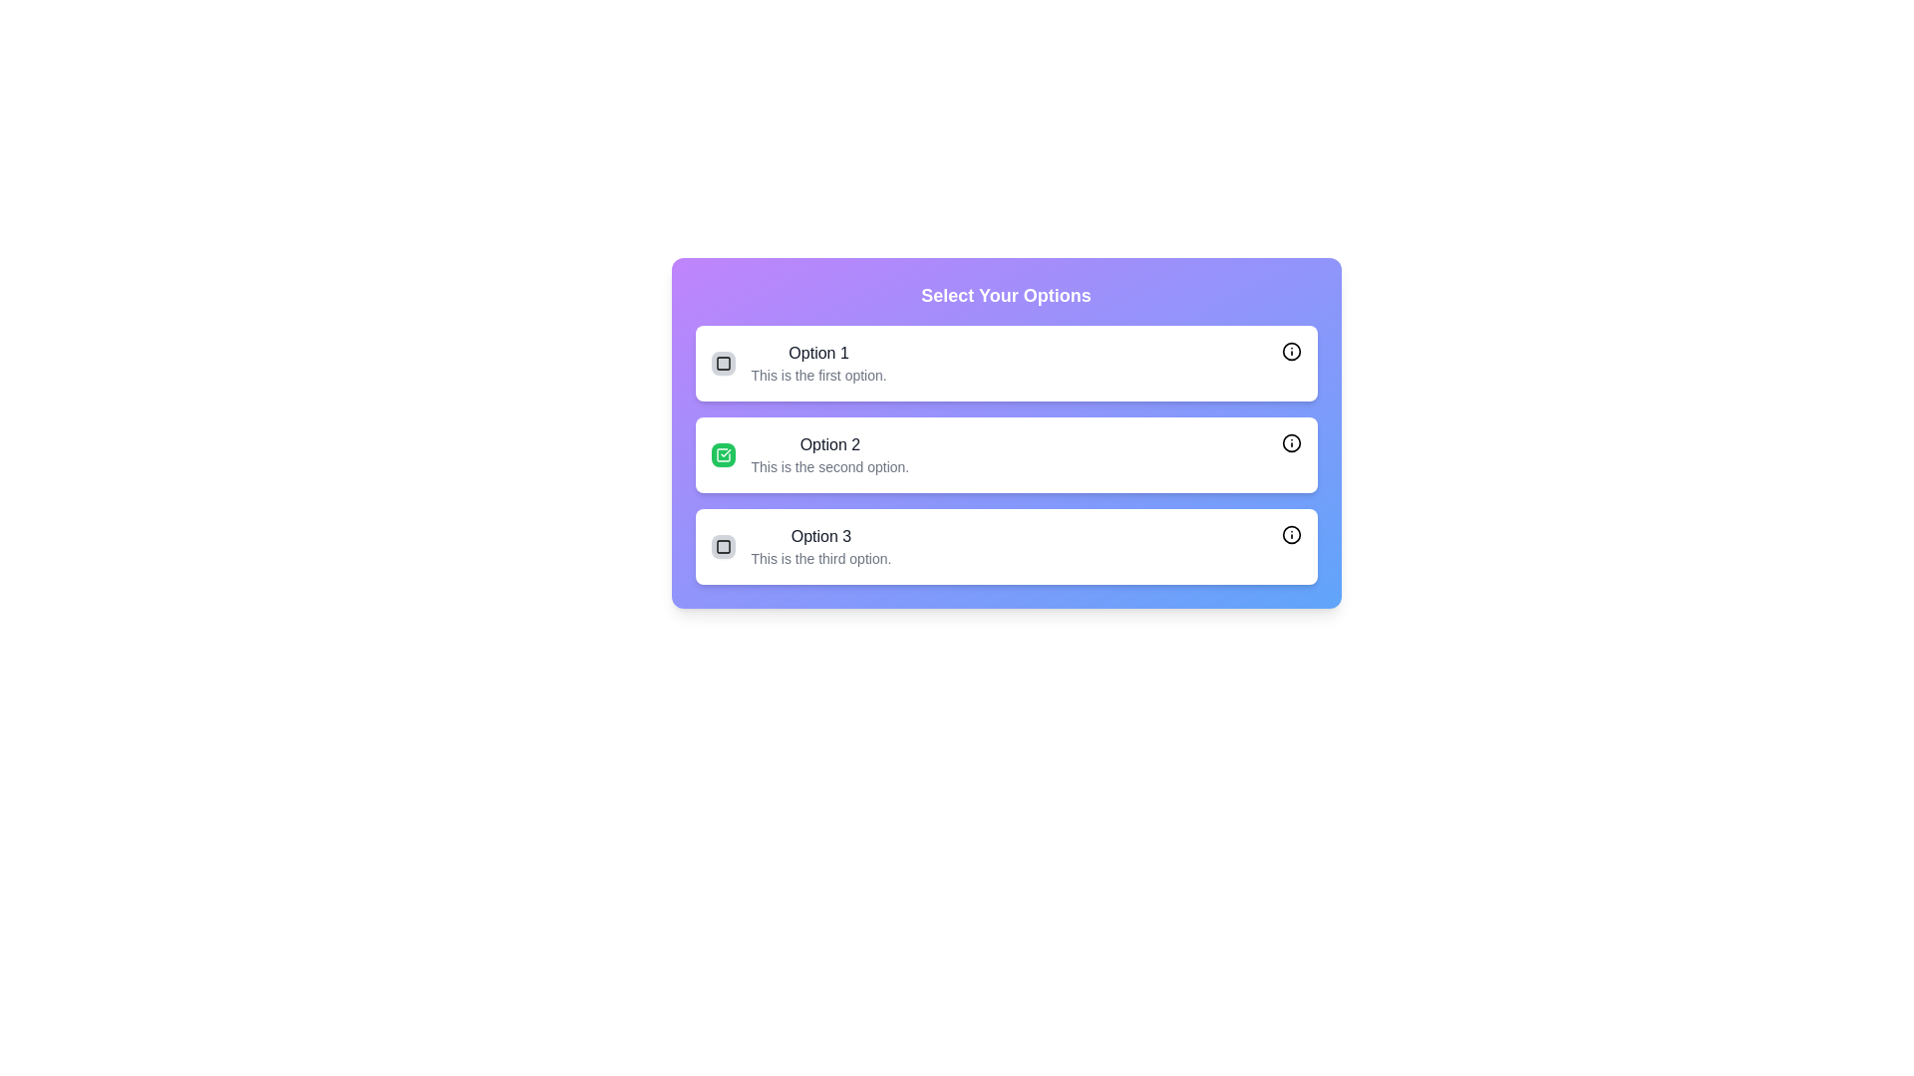  What do you see at coordinates (722, 546) in the screenshot?
I see `the checkbox or toggle button for 'Option 3'` at bounding box center [722, 546].